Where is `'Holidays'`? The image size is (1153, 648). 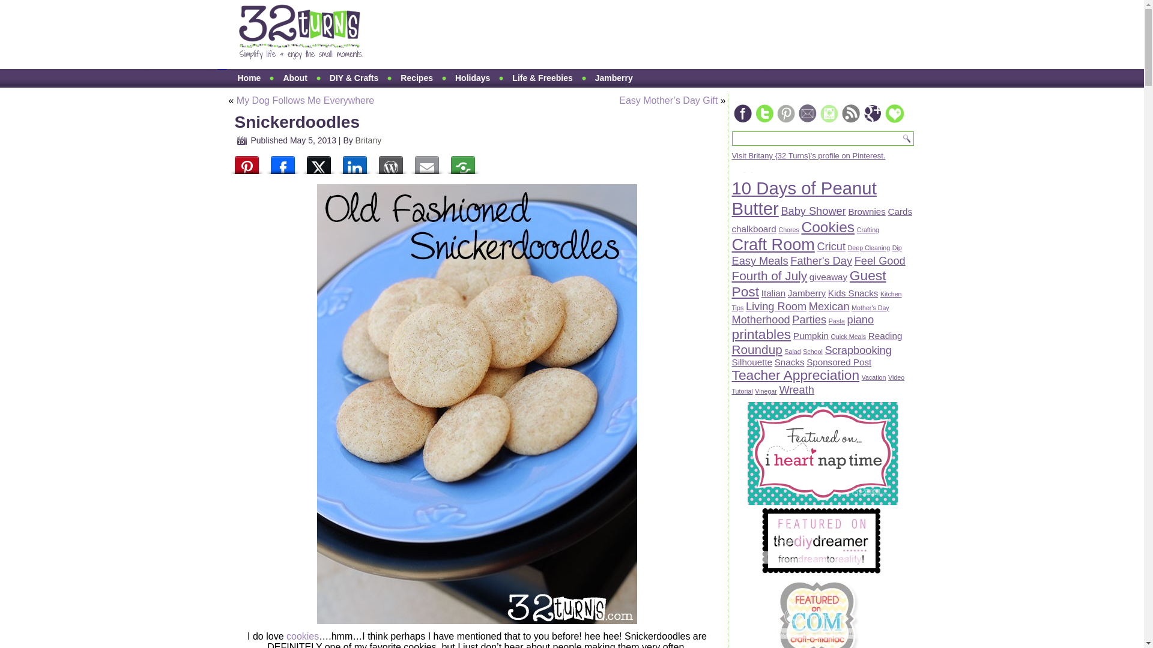
'Holidays' is located at coordinates (472, 78).